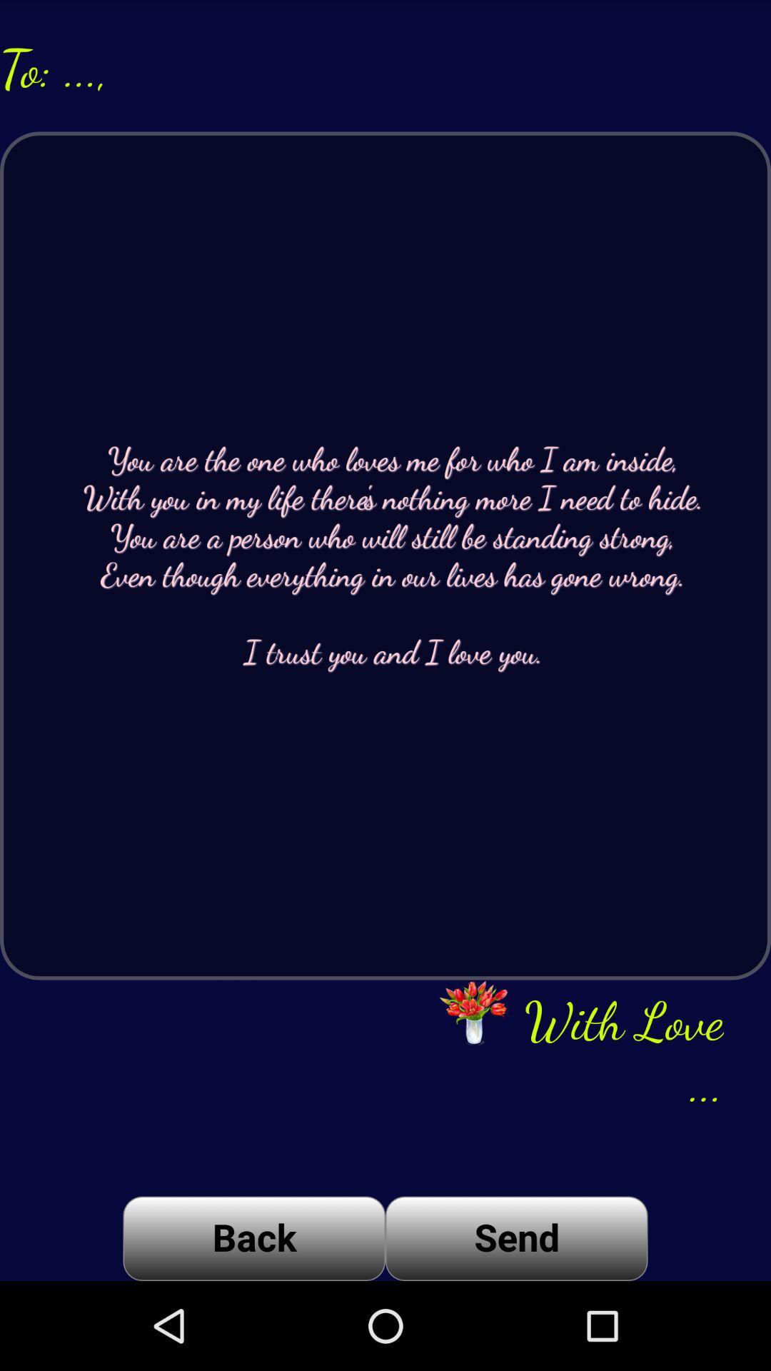 Image resolution: width=771 pixels, height=1371 pixels. Describe the element at coordinates (516, 1237) in the screenshot. I see `the send` at that location.